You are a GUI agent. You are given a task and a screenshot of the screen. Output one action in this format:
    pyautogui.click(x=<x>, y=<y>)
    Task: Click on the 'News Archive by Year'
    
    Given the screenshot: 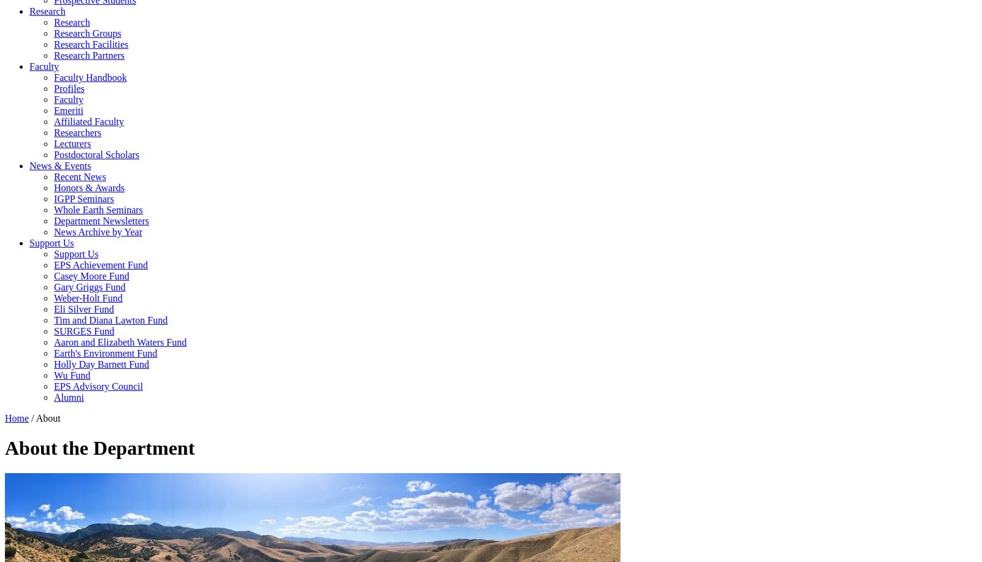 What is the action you would take?
    pyautogui.click(x=53, y=231)
    